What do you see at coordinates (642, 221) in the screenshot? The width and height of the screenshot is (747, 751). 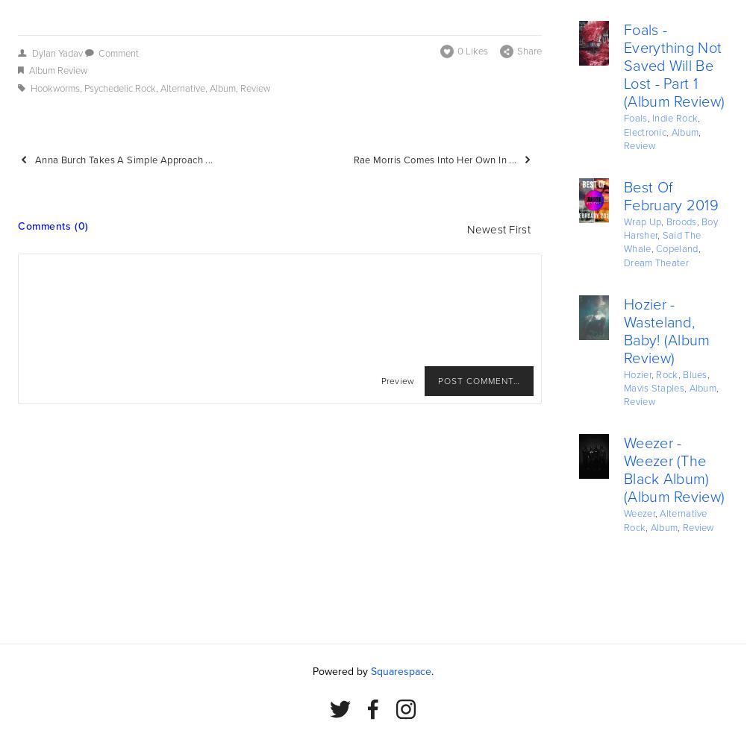 I see `'Wrap Up'` at bounding box center [642, 221].